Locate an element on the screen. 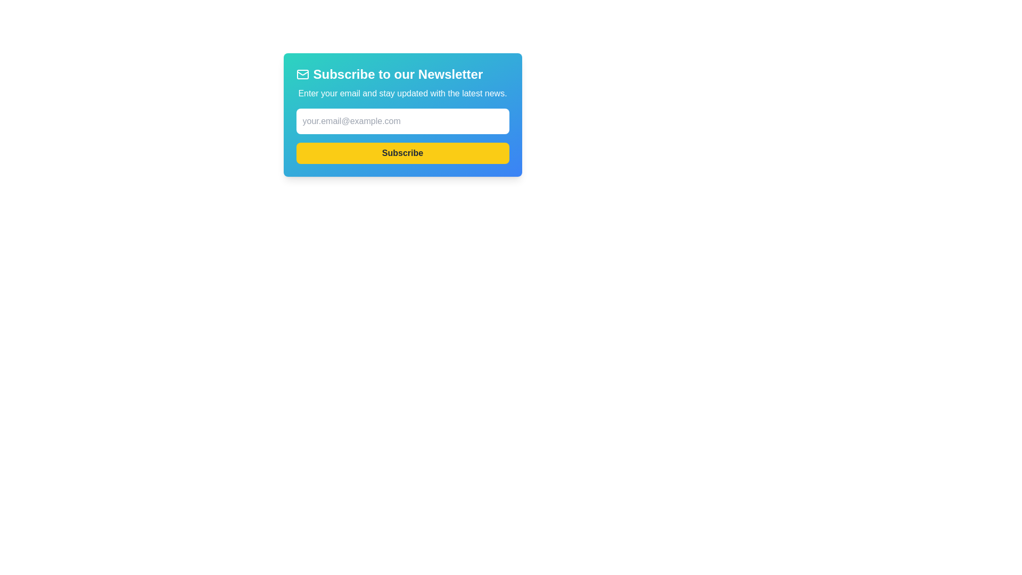 The width and height of the screenshot is (1022, 575). the informational text that reads 'Enter your email and stay updated with the latest news.' which is located below the title 'Subscribe to our Newsletter' and above the input field and the 'Subscribe' button is located at coordinates (402, 93).